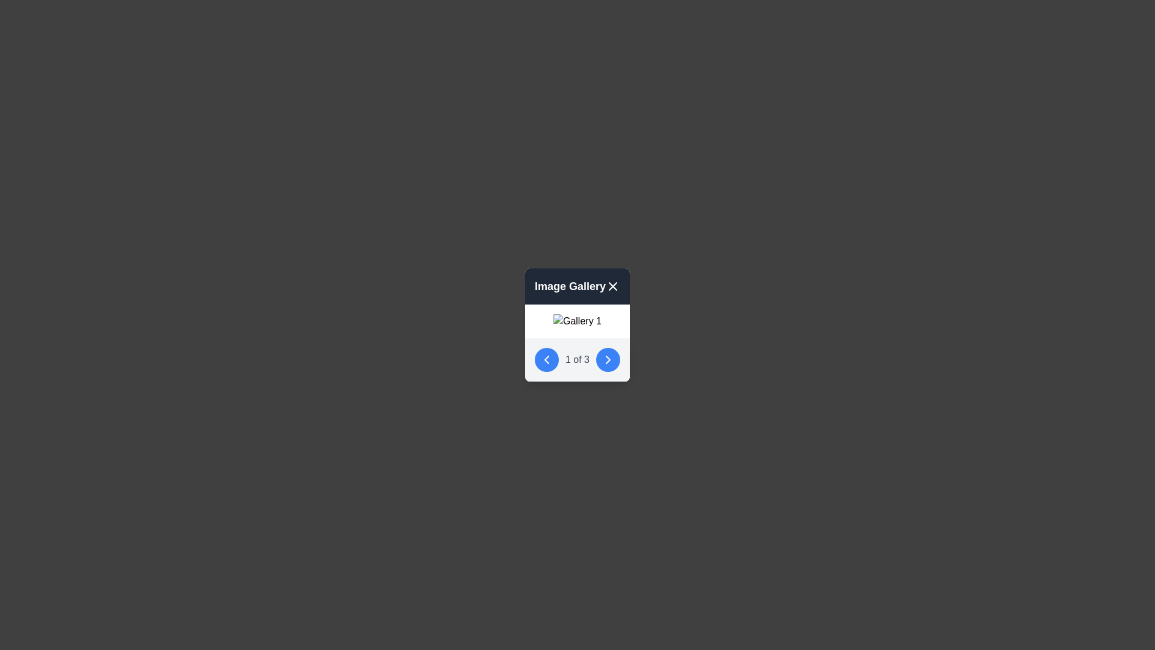  Describe the element at coordinates (612, 286) in the screenshot. I see `the close button located in the top-right corner of the 'Image Gallery' header` at that location.